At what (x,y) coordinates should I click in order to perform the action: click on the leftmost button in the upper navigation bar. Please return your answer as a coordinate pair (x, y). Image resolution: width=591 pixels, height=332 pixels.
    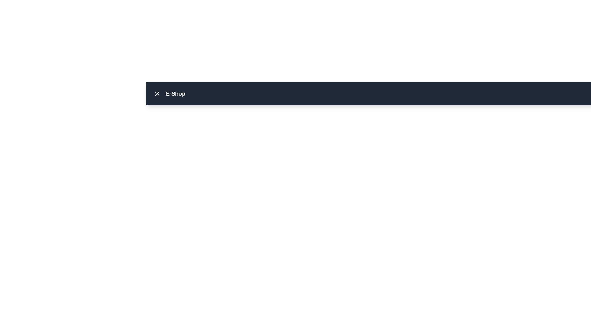
    Looking at the image, I should click on (157, 93).